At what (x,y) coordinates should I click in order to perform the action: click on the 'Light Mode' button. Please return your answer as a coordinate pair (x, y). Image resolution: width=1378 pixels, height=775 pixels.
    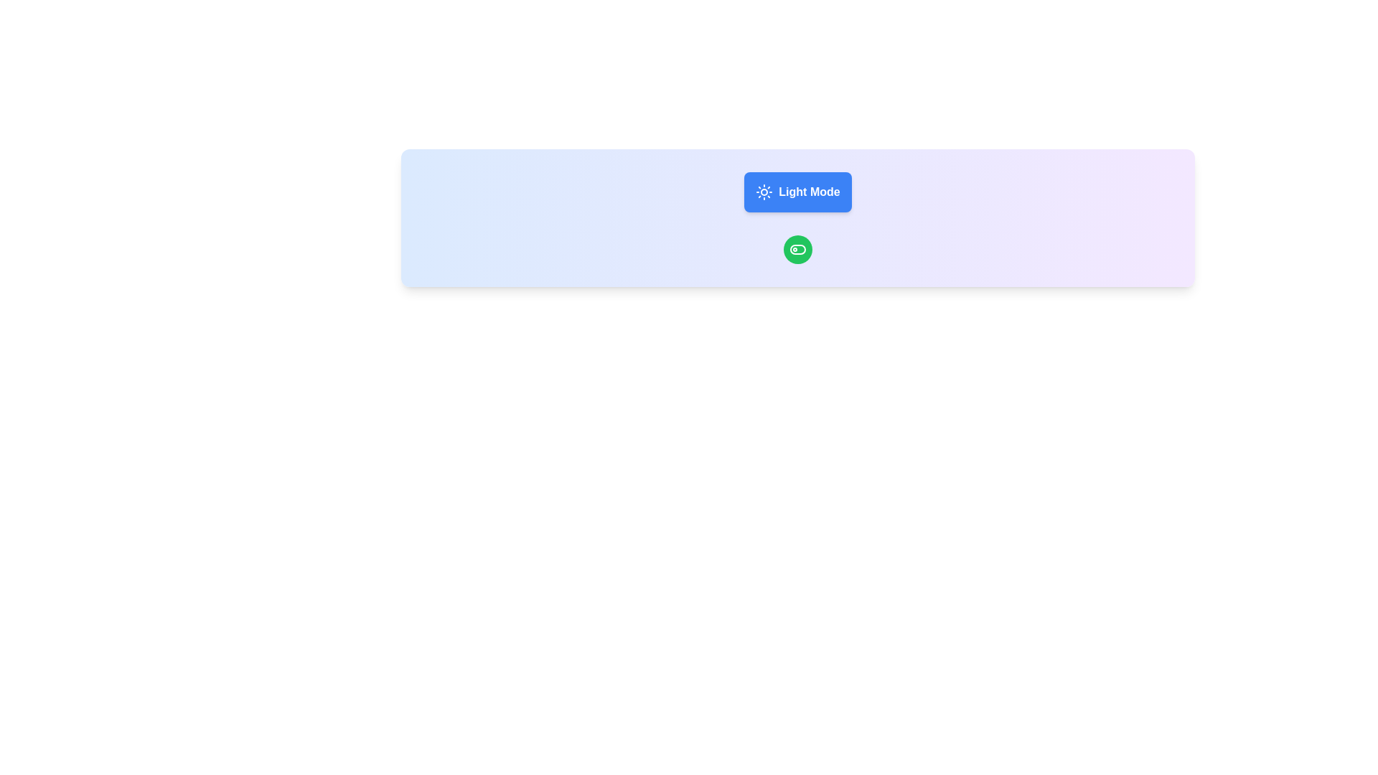
    Looking at the image, I should click on (797, 191).